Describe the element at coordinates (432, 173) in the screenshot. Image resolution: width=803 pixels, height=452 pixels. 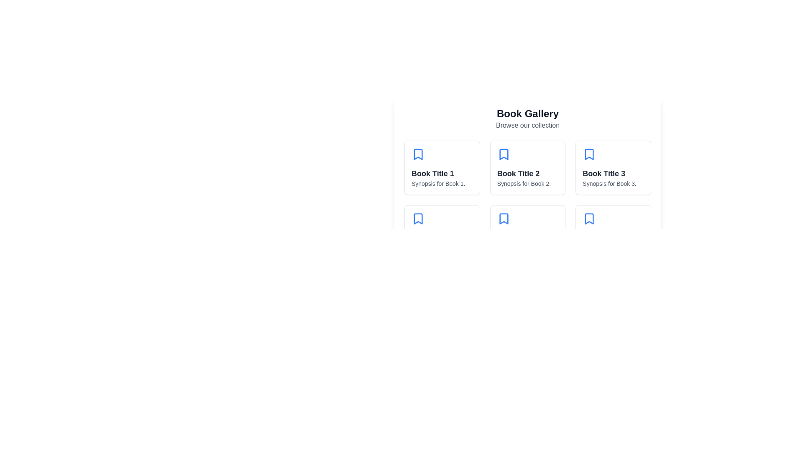
I see `the text label reading 'Book Title 1', which is displayed in a bold and large font style within the first card of the book items grid` at that location.